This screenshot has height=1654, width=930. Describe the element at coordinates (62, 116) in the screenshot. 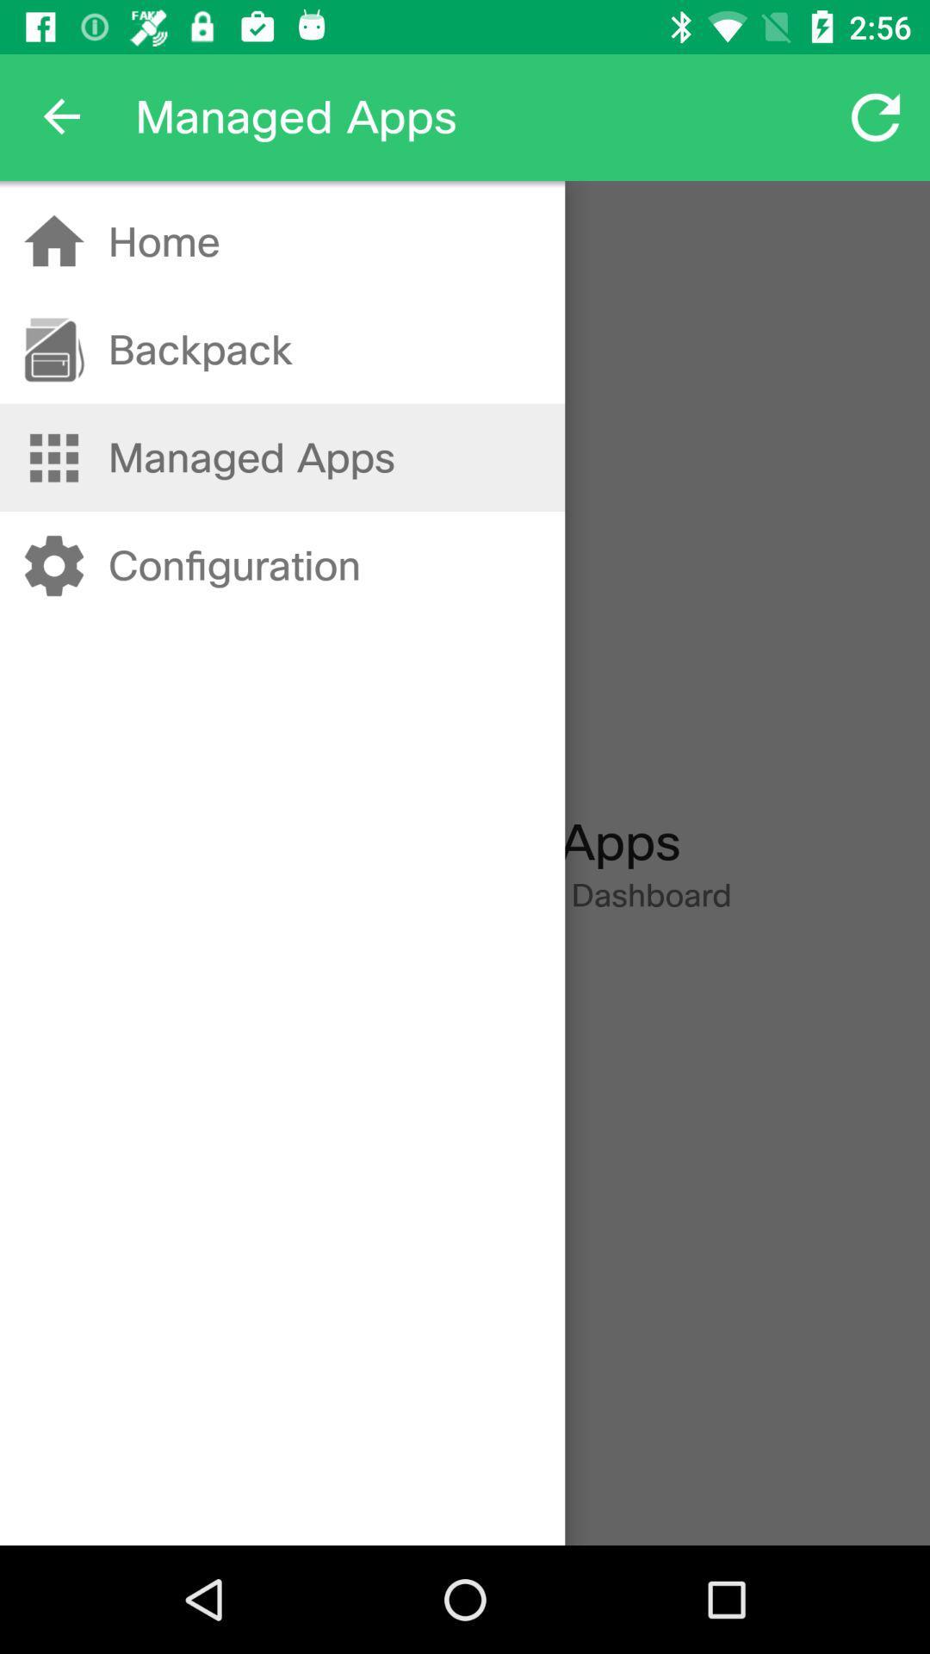

I see `icon next to the managed apps icon` at that location.